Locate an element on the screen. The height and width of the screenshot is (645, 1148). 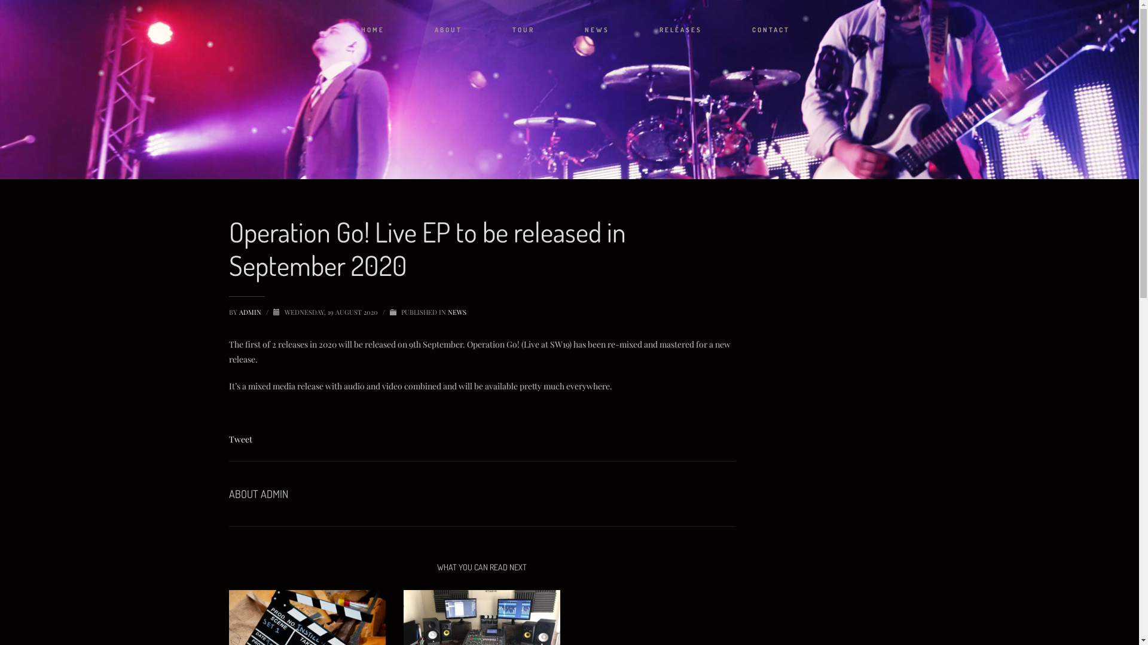
'NEWS' is located at coordinates (597, 29).